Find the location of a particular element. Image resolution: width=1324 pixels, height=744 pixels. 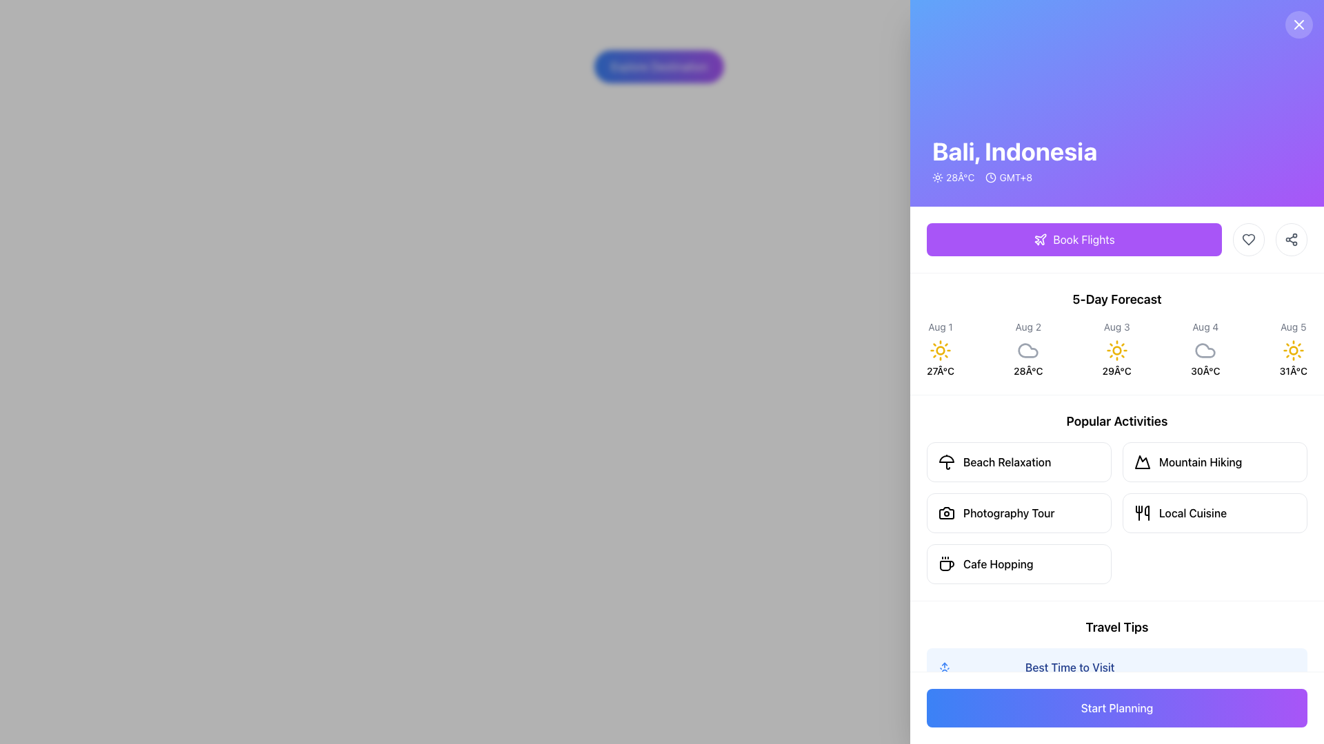

the 'Book Flights' button with a purple background and white text is located at coordinates (1074, 238).